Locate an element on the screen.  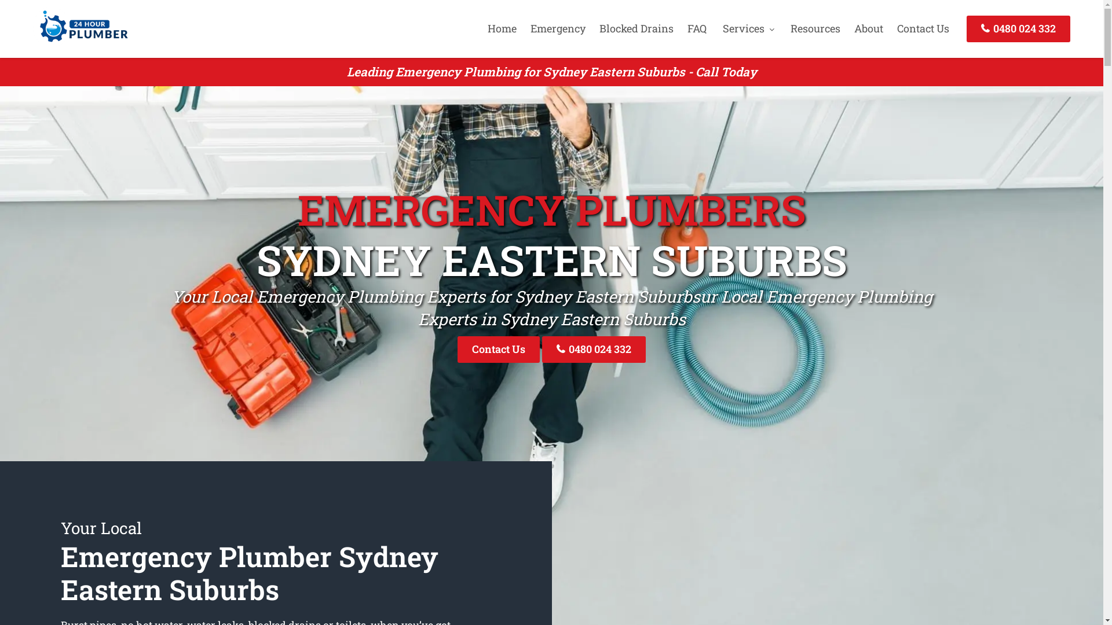
'Blocked Drains' is located at coordinates (636, 28).